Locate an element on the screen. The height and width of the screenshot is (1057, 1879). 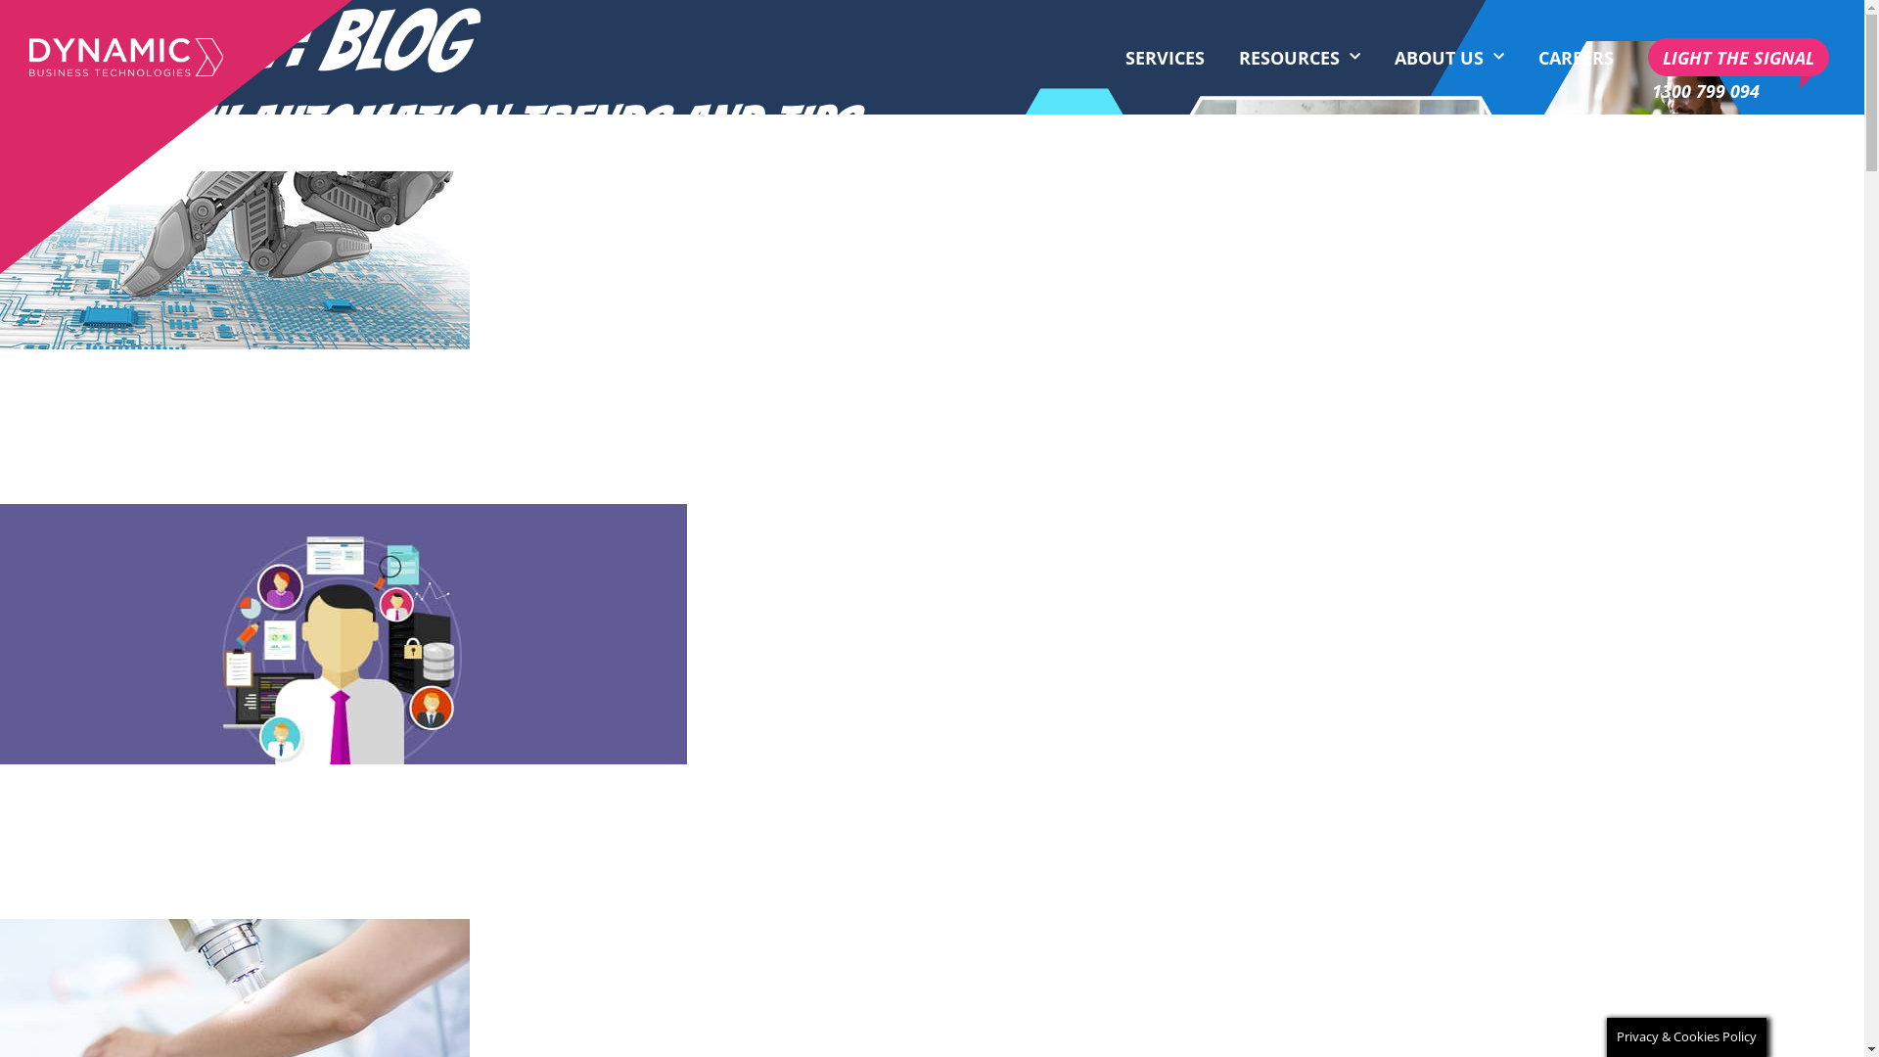
'SERVICES' is located at coordinates (1125, 56).